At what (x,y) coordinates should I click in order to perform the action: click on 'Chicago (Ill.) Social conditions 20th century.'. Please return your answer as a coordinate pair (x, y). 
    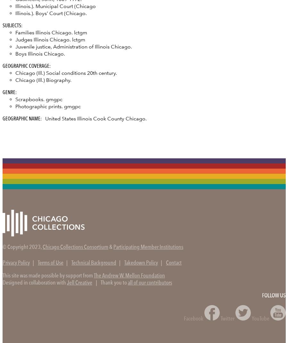
    Looking at the image, I should click on (15, 73).